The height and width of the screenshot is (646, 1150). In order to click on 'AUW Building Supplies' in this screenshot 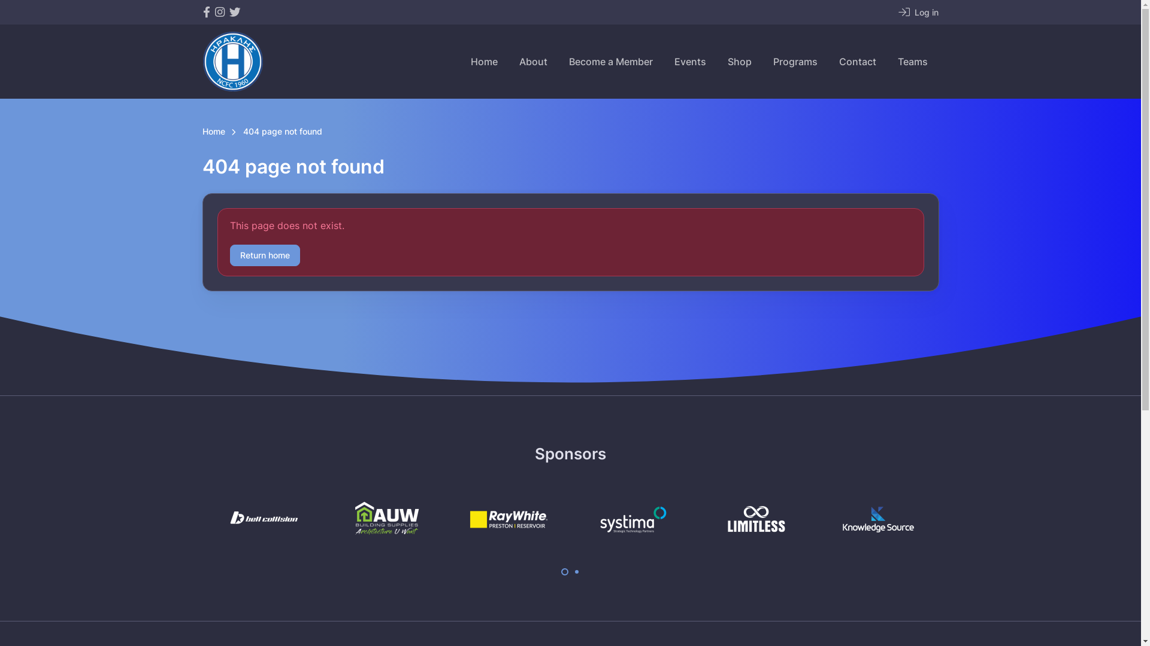, I will do `click(386, 519)`.